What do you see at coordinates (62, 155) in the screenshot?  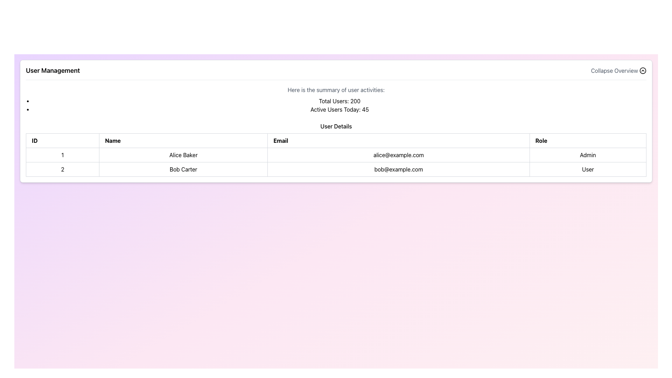 I see `the Table Cell that contains the text '1', located in the first row and first column of the table layout, positioned to the left of 'Alice Baker' and above the ID '2'` at bounding box center [62, 155].